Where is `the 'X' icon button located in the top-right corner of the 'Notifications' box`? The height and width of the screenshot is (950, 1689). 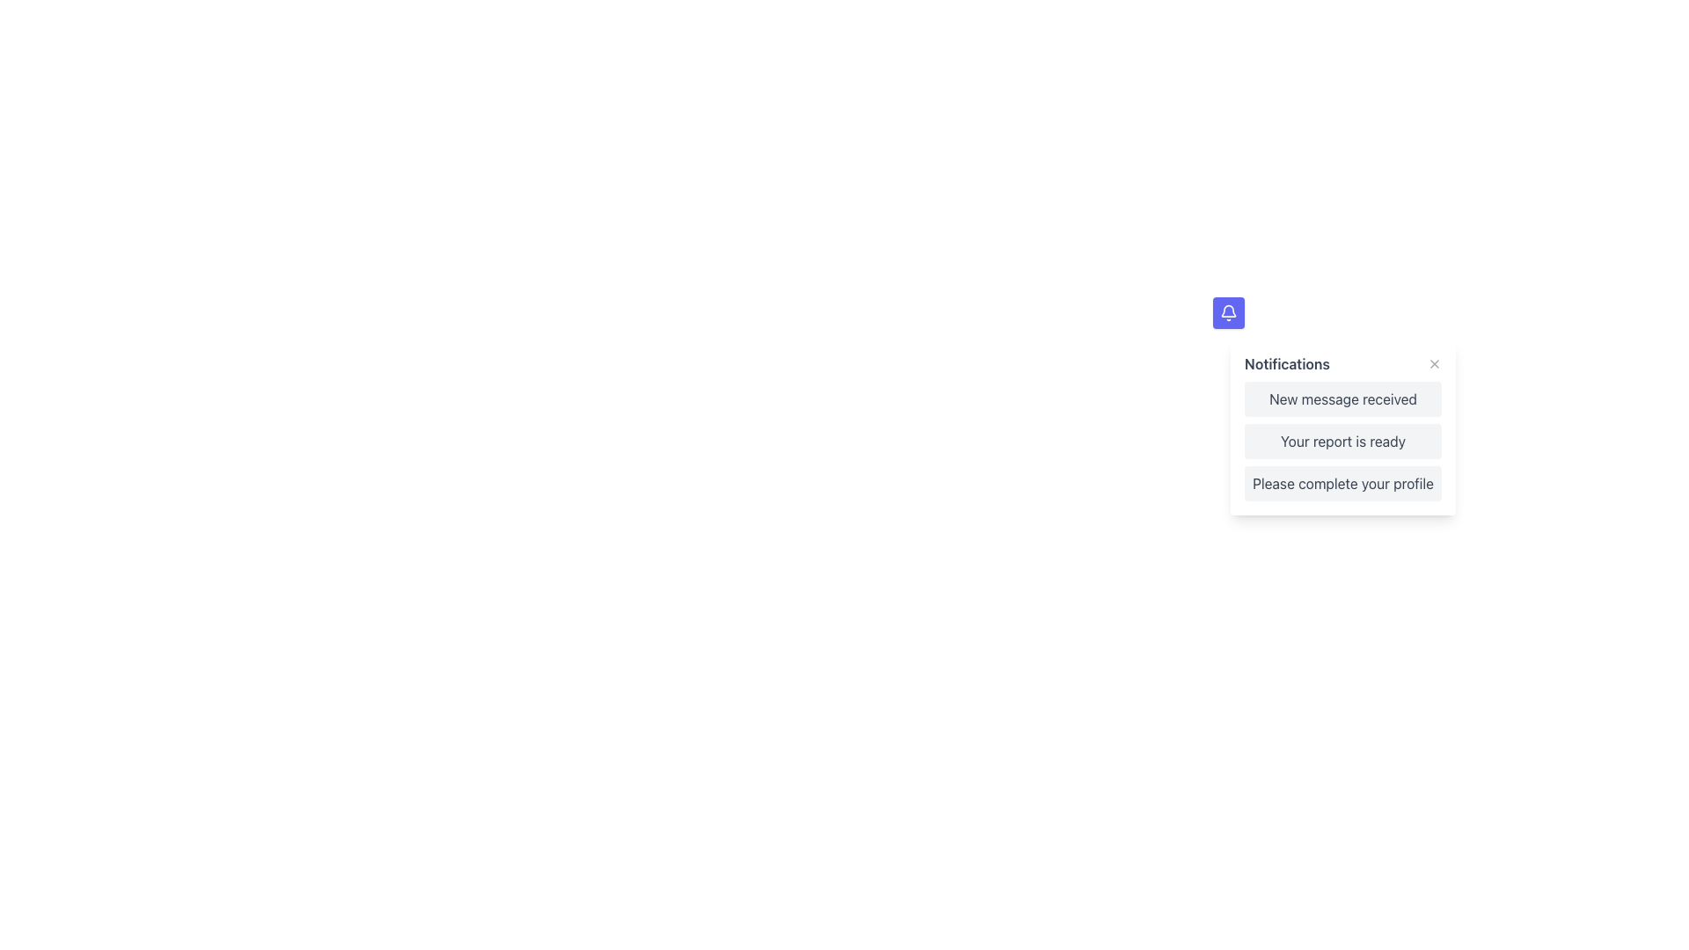
the 'X' icon button located in the top-right corner of the 'Notifications' box is located at coordinates (1435, 362).